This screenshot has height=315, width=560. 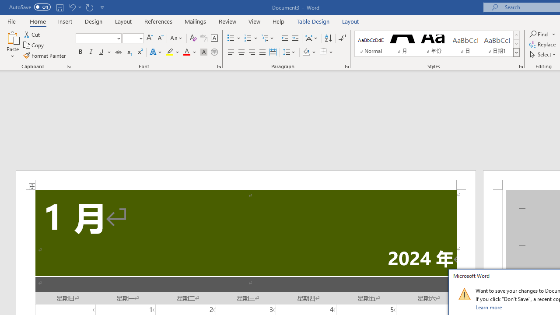 I want to click on 'Shrink Font', so click(x=160, y=38).